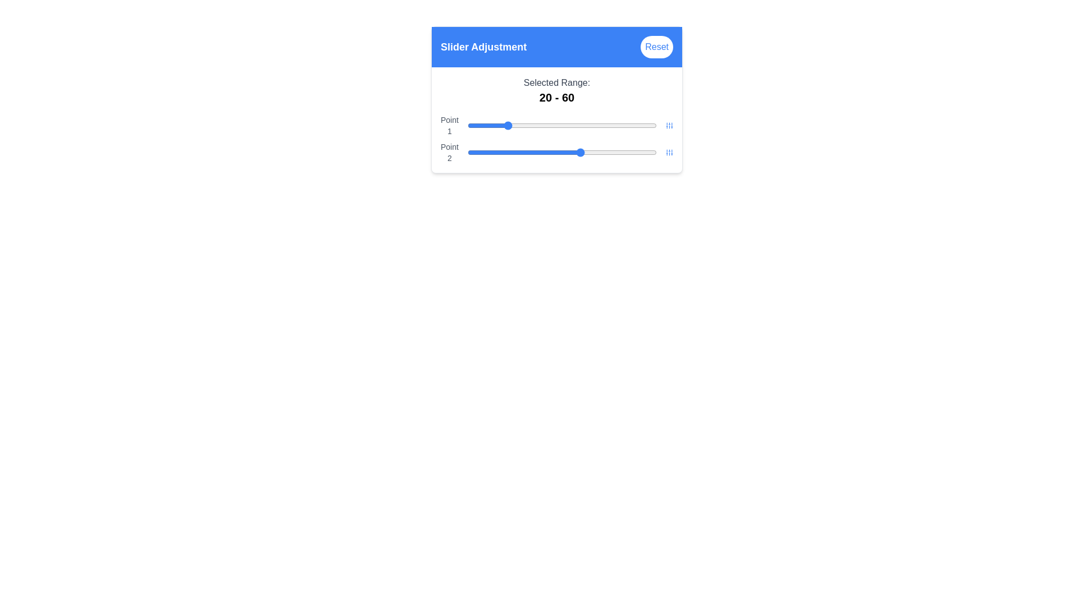  What do you see at coordinates (557, 97) in the screenshot?
I see `the Text Display element that shows the range '20 - 60', which is styled with 'font-semibold text-xl' and is located beneath the label 'Selected Range:'` at bounding box center [557, 97].